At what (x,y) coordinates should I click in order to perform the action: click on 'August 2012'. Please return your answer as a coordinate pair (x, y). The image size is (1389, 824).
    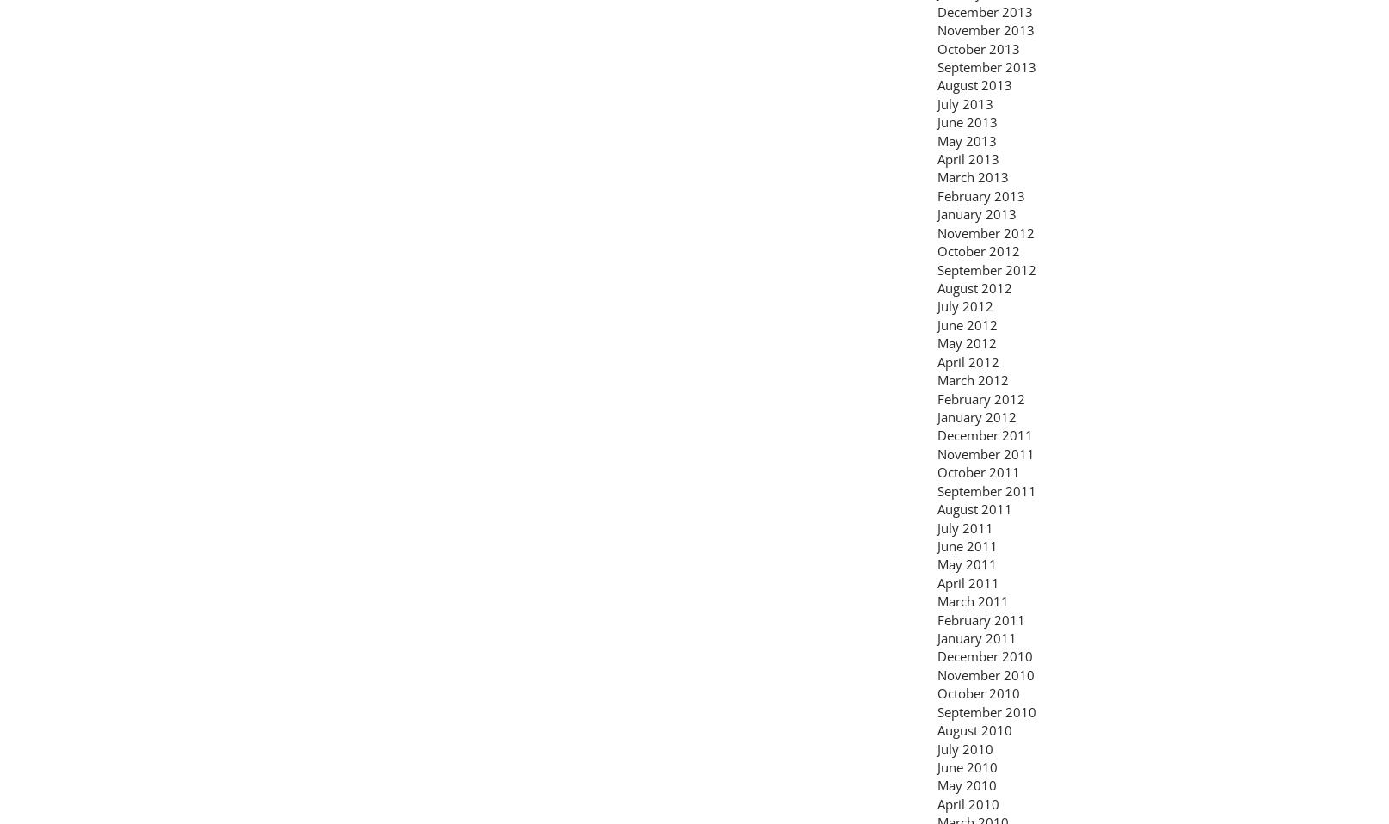
    Looking at the image, I should click on (974, 287).